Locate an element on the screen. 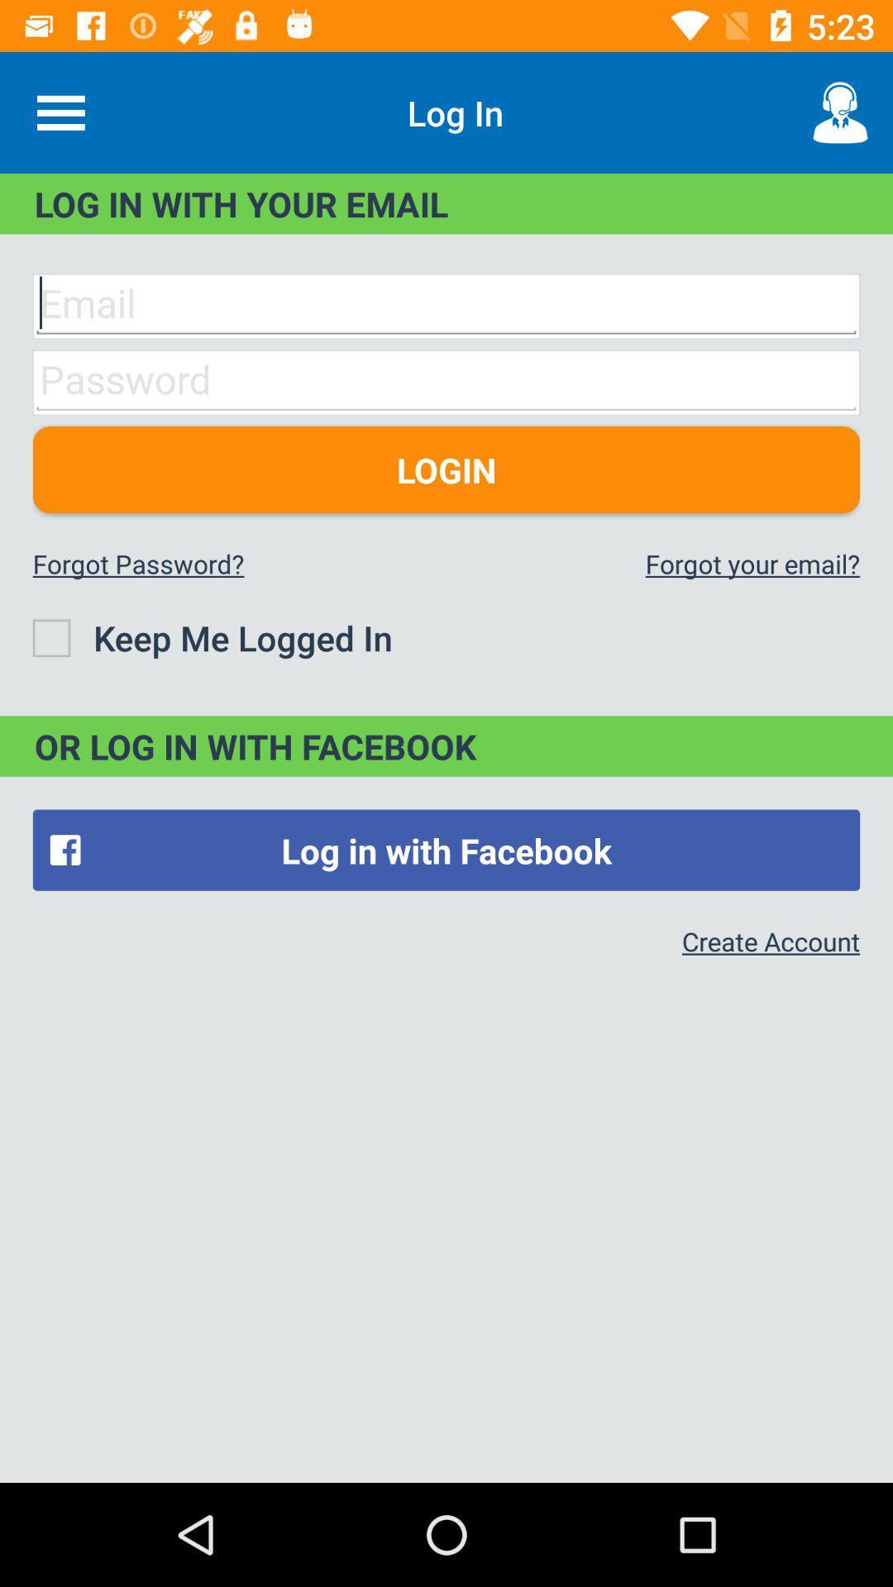 This screenshot has height=1587, width=893. the item next to log in is located at coordinates (841, 112).